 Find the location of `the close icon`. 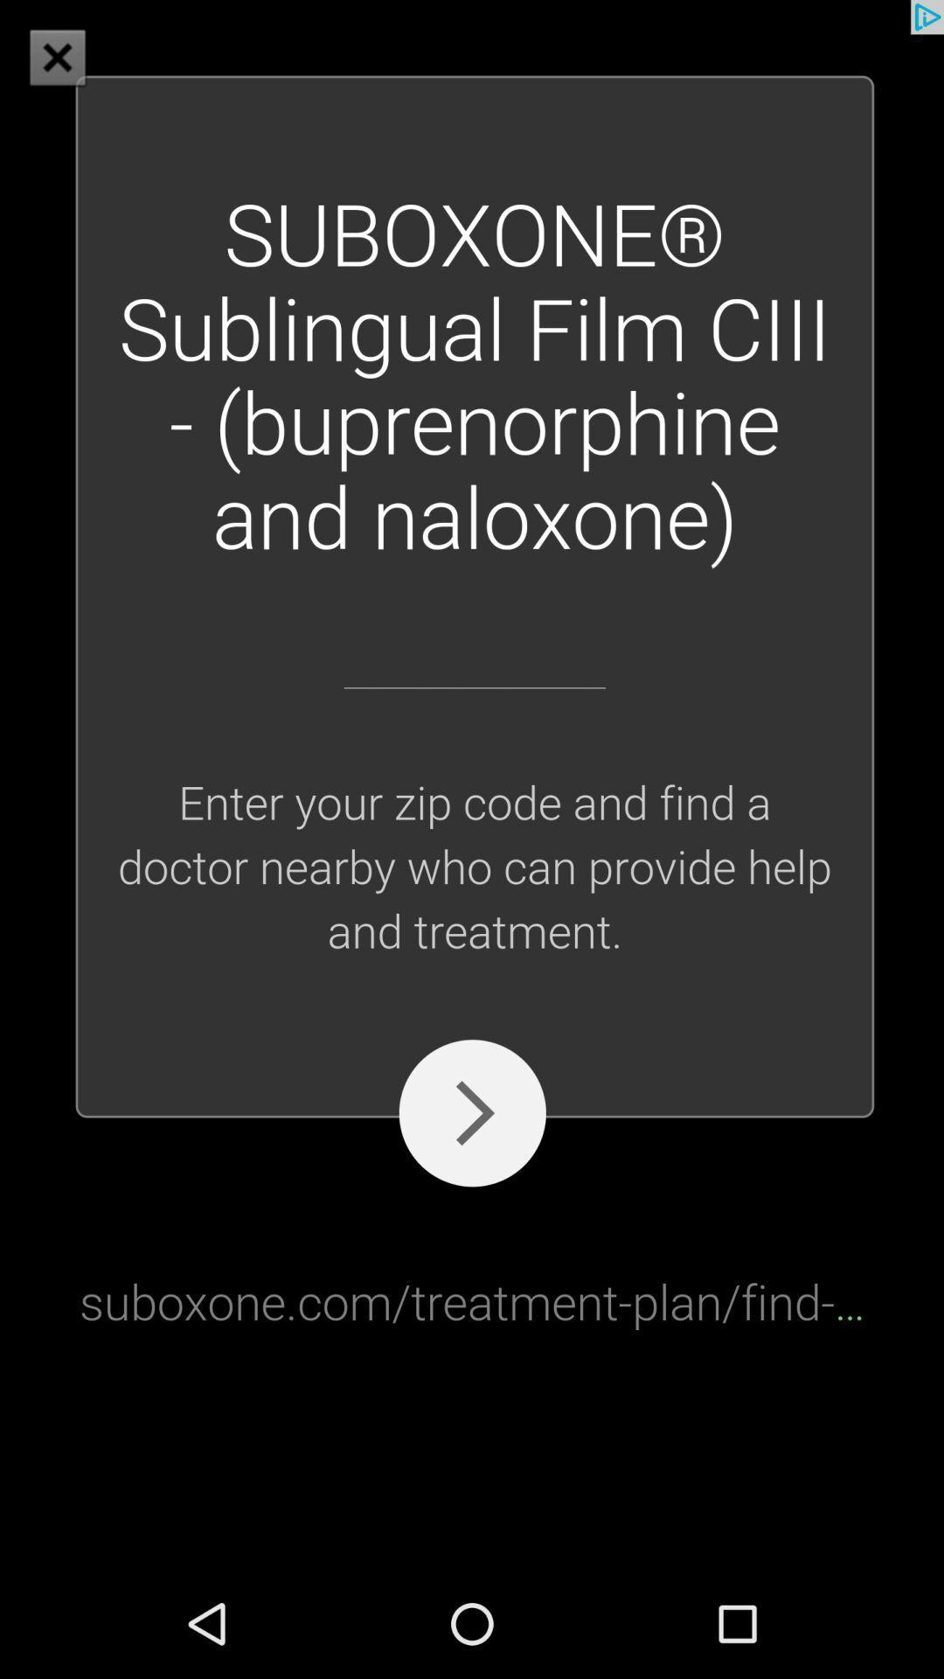

the close icon is located at coordinates (67, 73).